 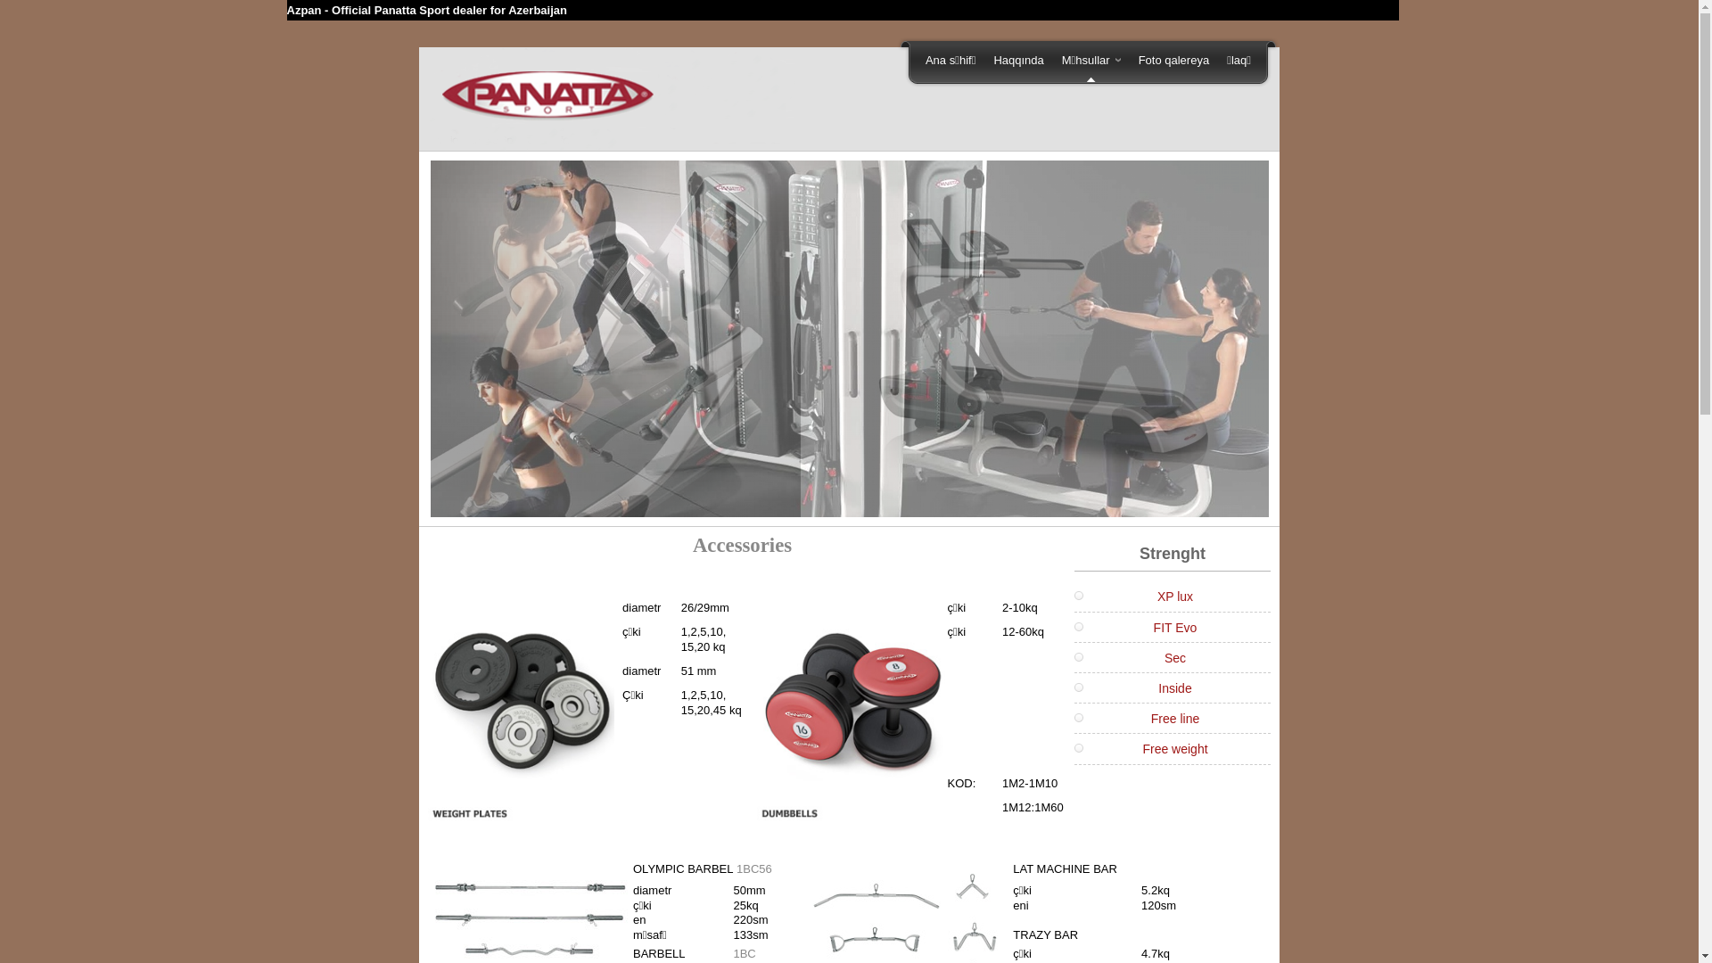 I want to click on 'Inside', so click(x=1158, y=687).